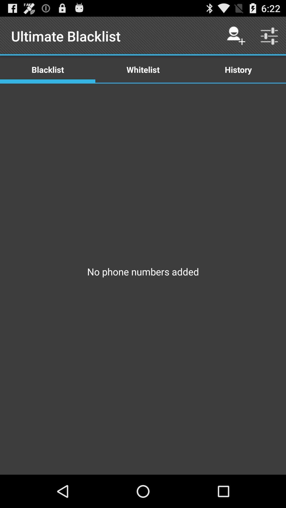 This screenshot has height=508, width=286. Describe the element at coordinates (143, 69) in the screenshot. I see `icon next to blacklist icon` at that location.